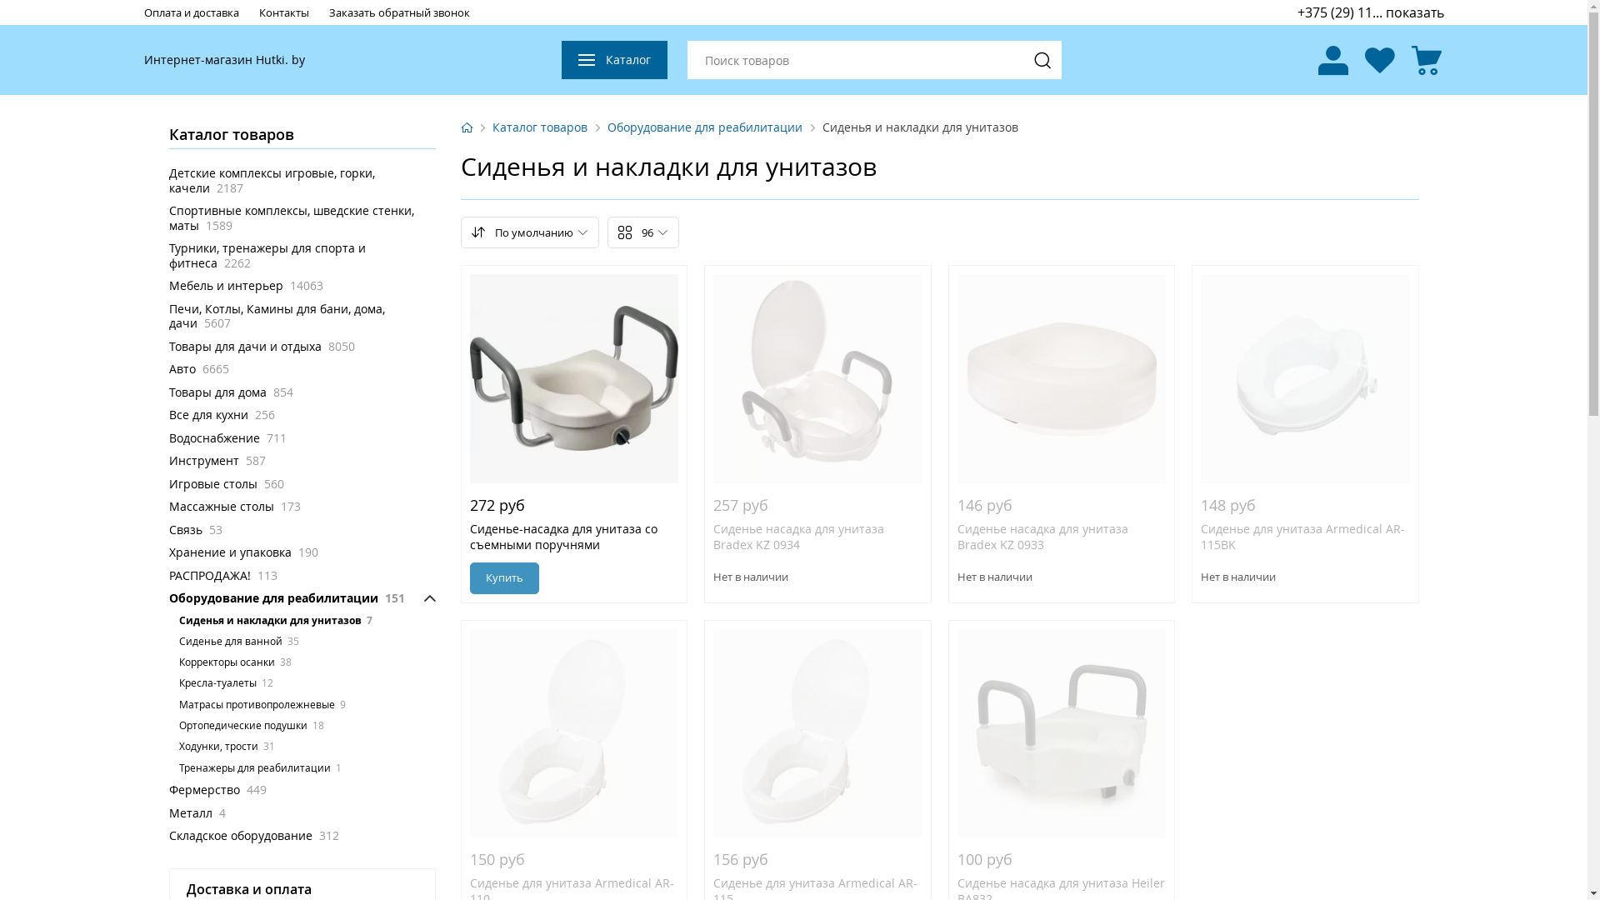 The width and height of the screenshot is (1600, 900). What do you see at coordinates (642, 232) in the screenshot?
I see `'96'` at bounding box center [642, 232].